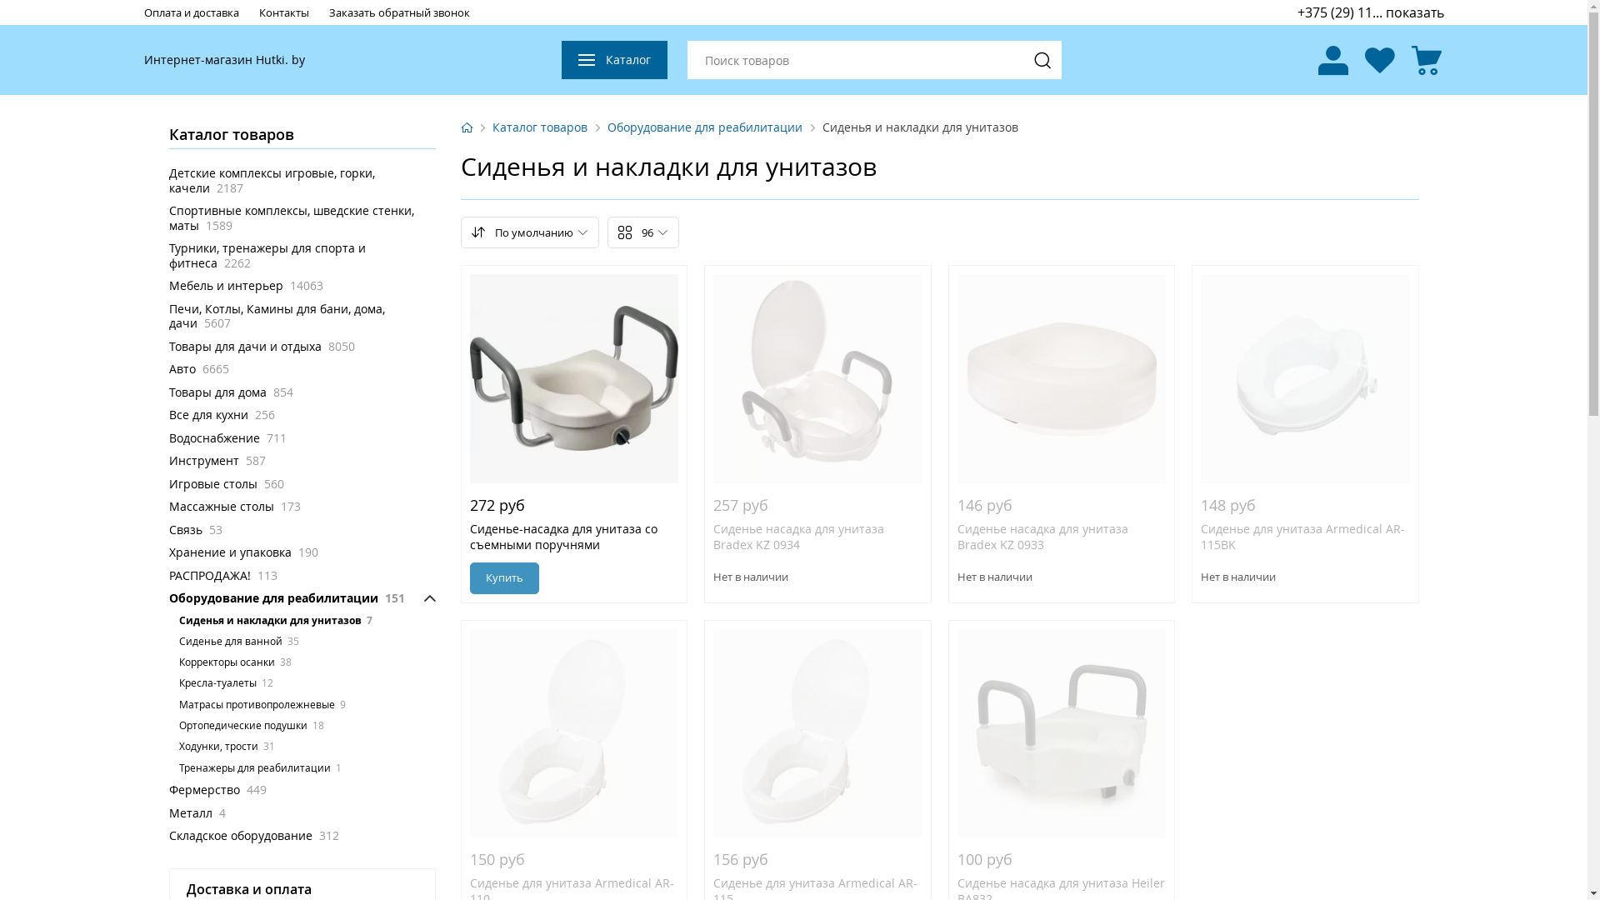 The width and height of the screenshot is (1600, 900). What do you see at coordinates (642, 232) in the screenshot?
I see `'96'` at bounding box center [642, 232].